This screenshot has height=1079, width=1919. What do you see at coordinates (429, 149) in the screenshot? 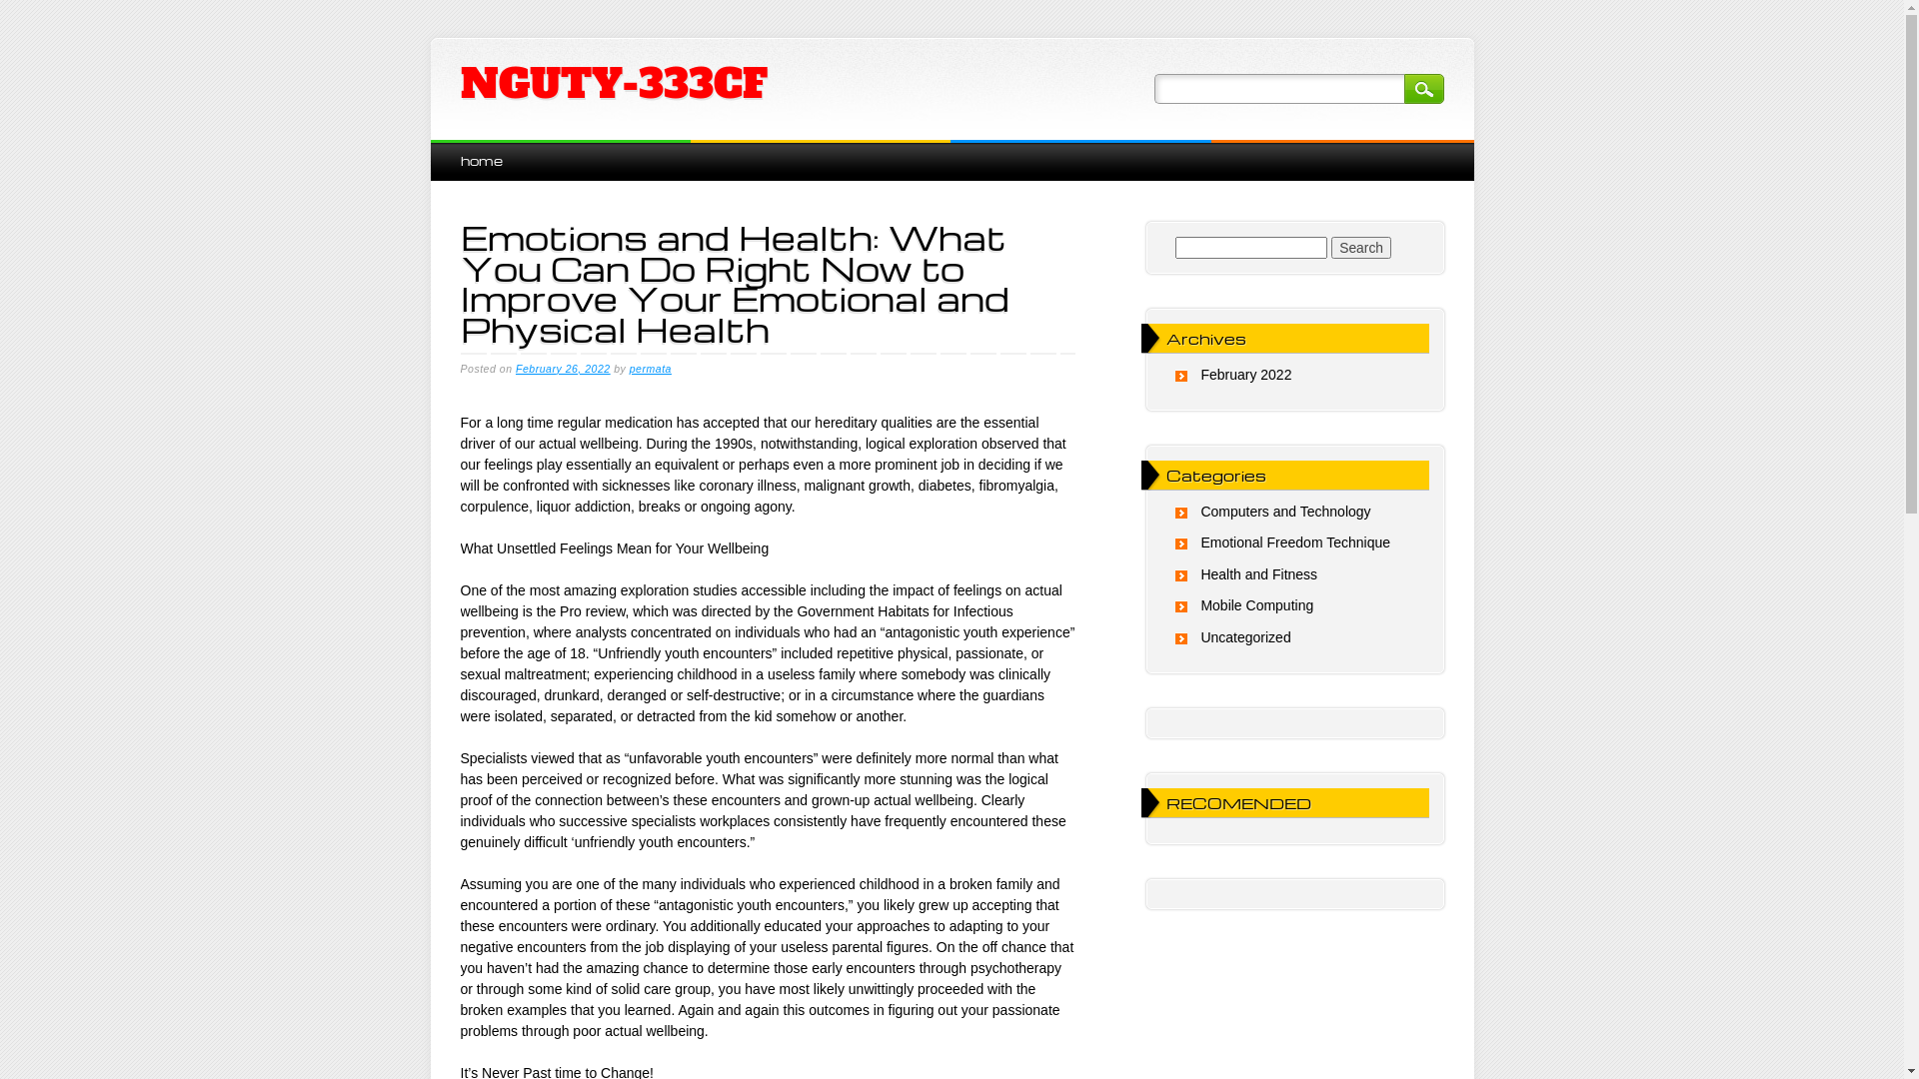
I see `'Skip to content'` at bounding box center [429, 149].